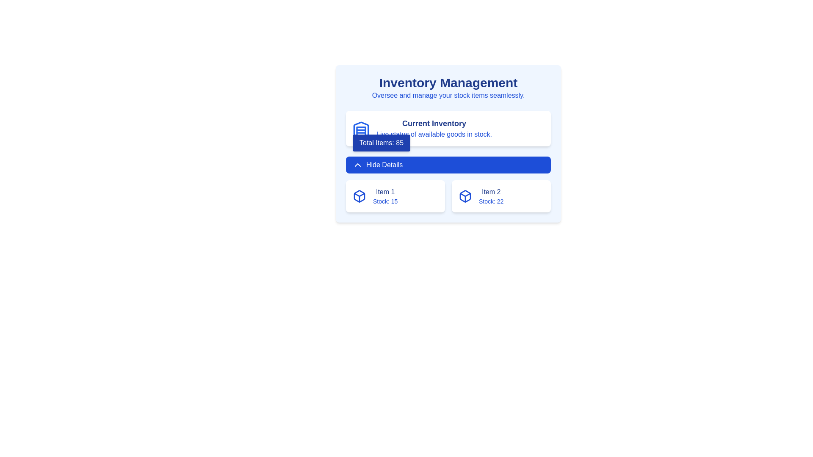 Image resolution: width=813 pixels, height=457 pixels. What do you see at coordinates (448, 196) in the screenshot?
I see `the inventory display grid, which shows items and their stock levels` at bounding box center [448, 196].